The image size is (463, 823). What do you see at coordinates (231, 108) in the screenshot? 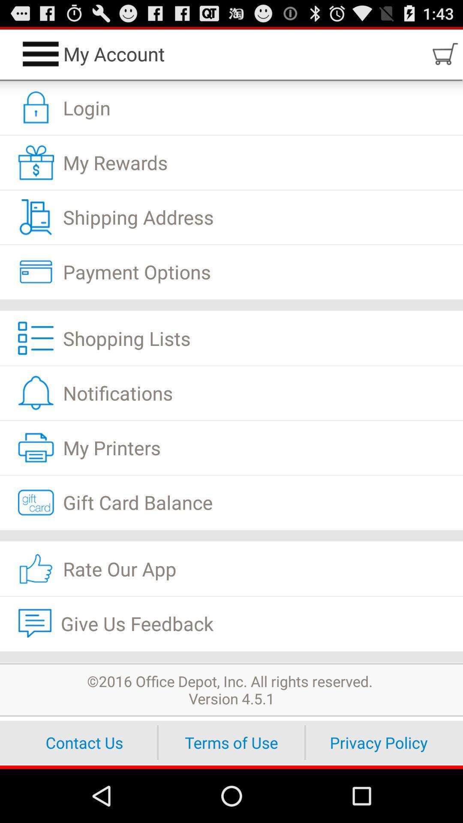
I see `the login icon` at bounding box center [231, 108].